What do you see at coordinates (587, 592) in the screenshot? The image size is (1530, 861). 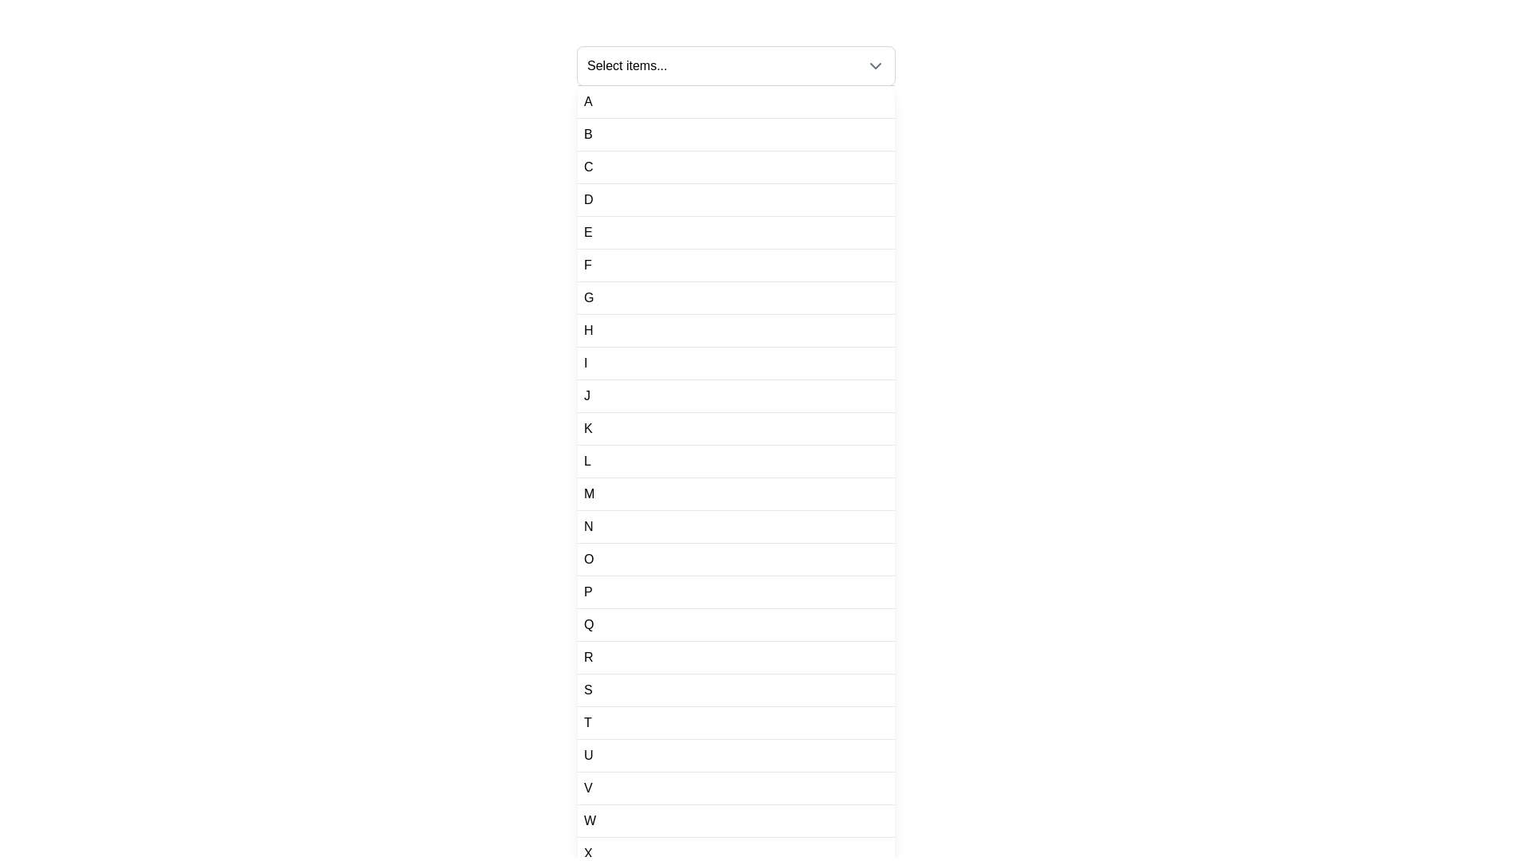 I see `the text element displaying the character 'P', which is positioned in the list between 'O' and 'Q'` at bounding box center [587, 592].